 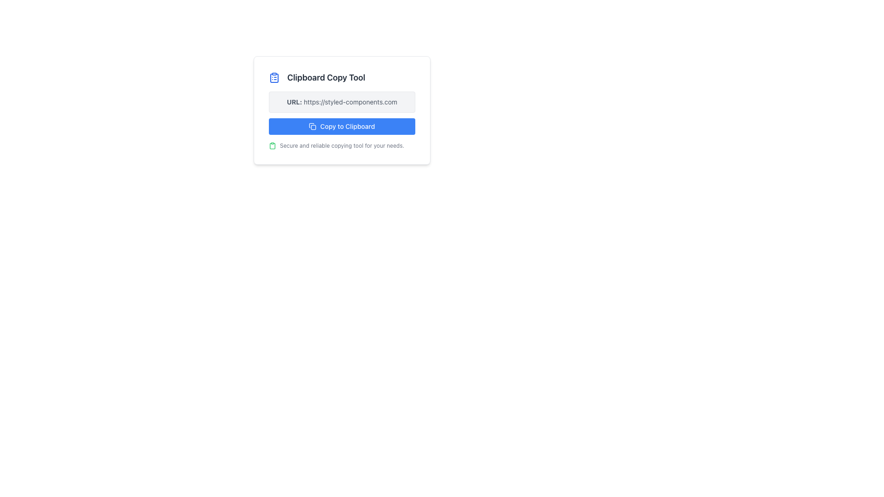 What do you see at coordinates (294, 102) in the screenshot?
I see `the static text label displaying 'URL:' which is bold and positioned to the left of the hyperlink within a gray background box` at bounding box center [294, 102].